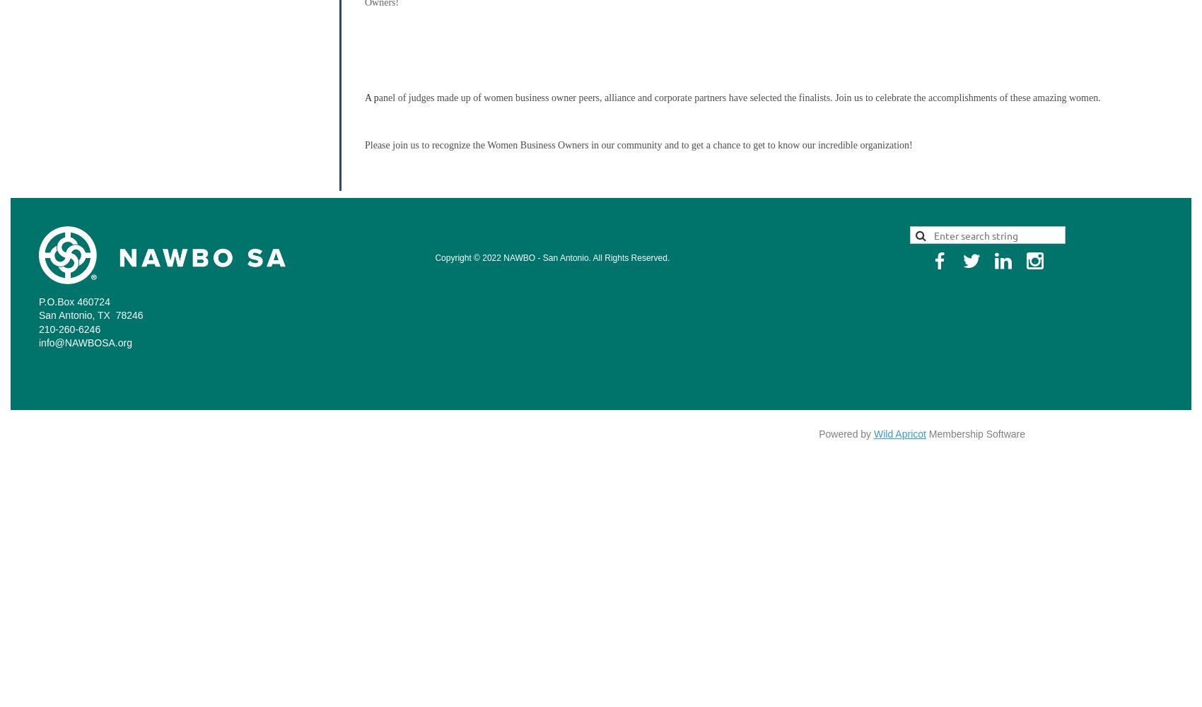 This screenshot has height=707, width=1202. Describe the element at coordinates (364, 98) in the screenshot. I see `'A p'` at that location.